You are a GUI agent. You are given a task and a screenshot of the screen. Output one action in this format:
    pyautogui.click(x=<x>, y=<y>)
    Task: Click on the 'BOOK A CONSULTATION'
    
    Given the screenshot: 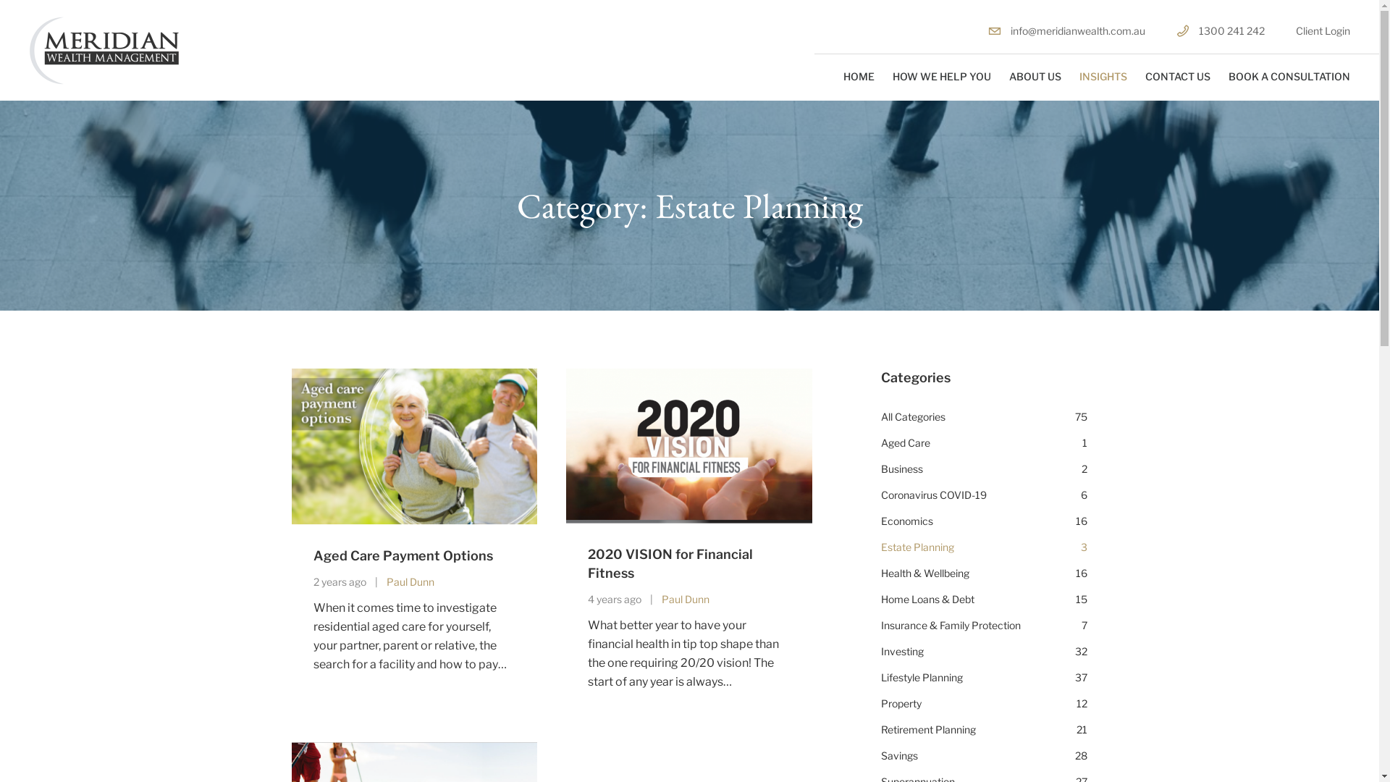 What is the action you would take?
    pyautogui.click(x=1228, y=76)
    